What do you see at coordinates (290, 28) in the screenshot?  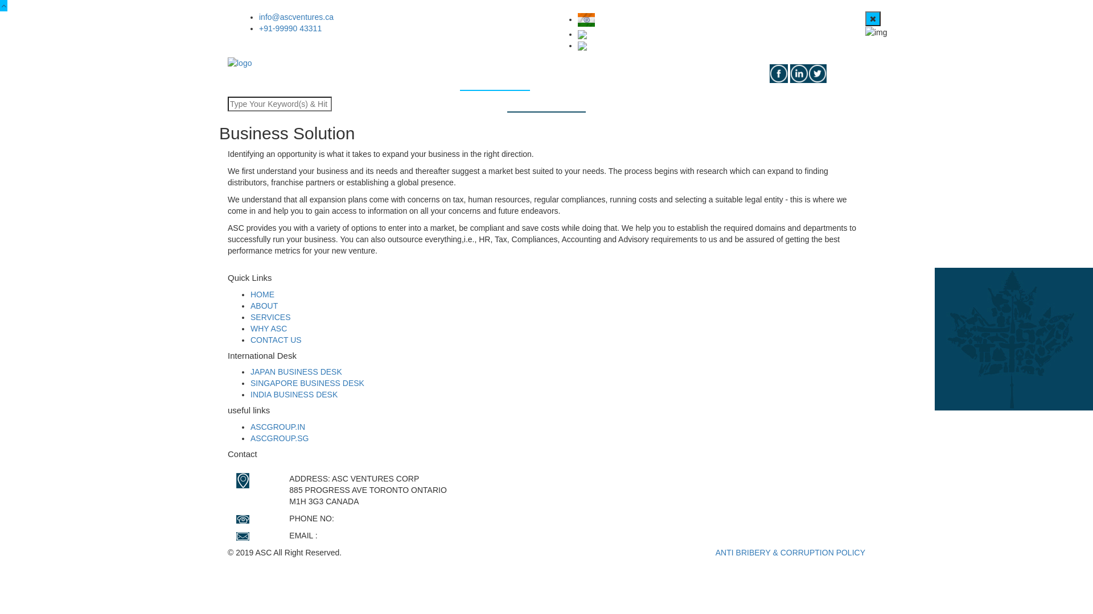 I see `'+91-99990 43311'` at bounding box center [290, 28].